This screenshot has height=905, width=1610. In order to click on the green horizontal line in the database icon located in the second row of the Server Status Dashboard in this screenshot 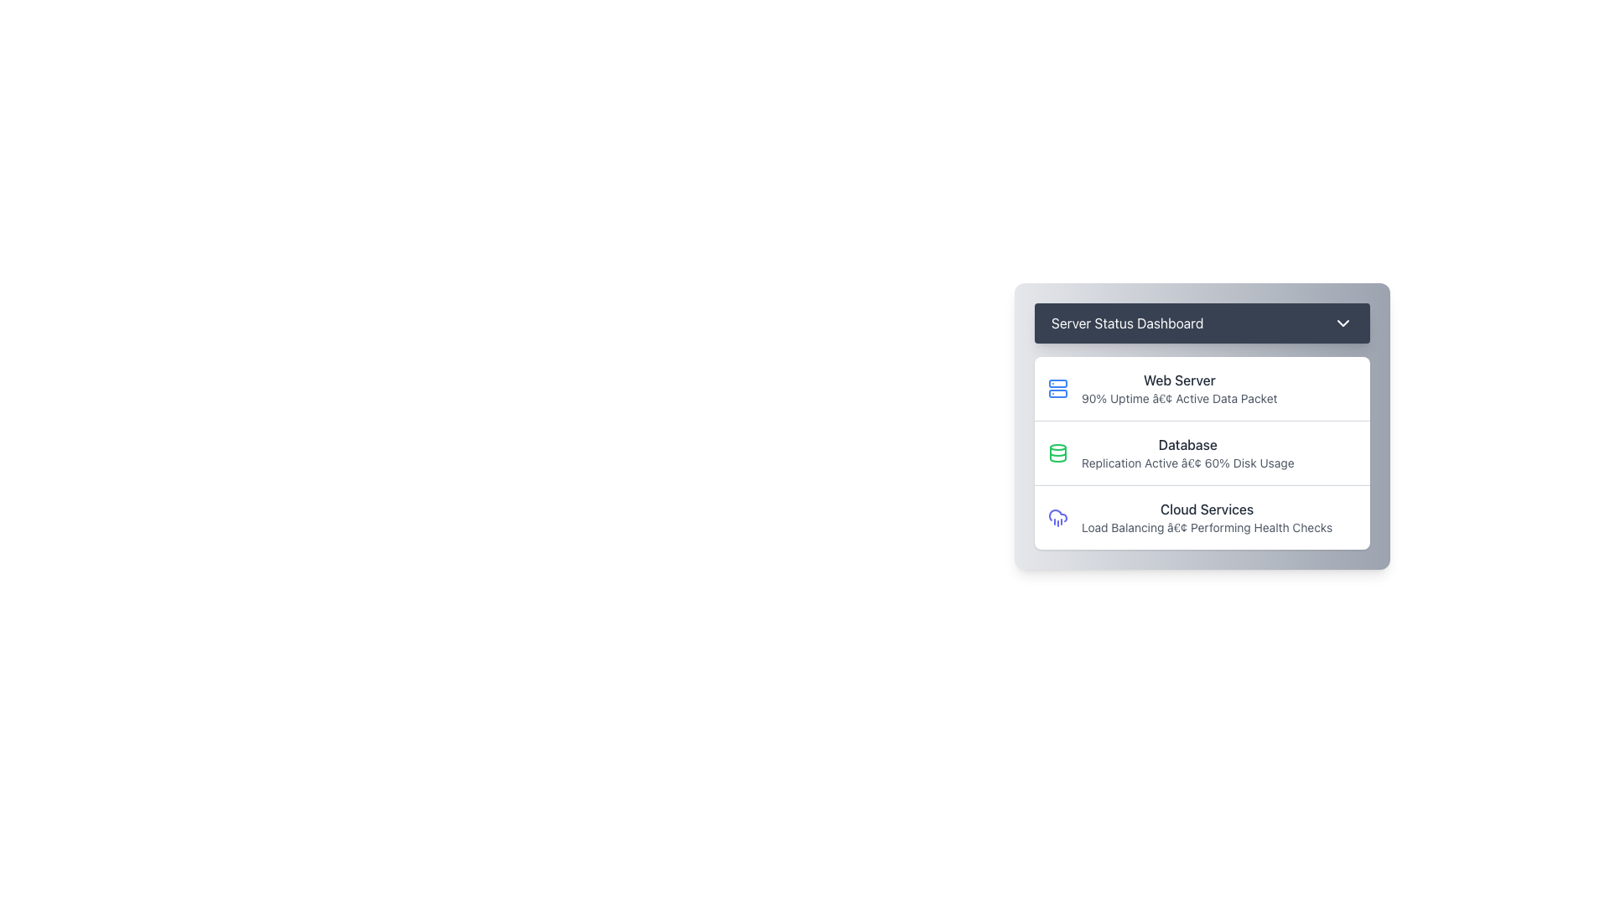, I will do `click(1057, 454)`.